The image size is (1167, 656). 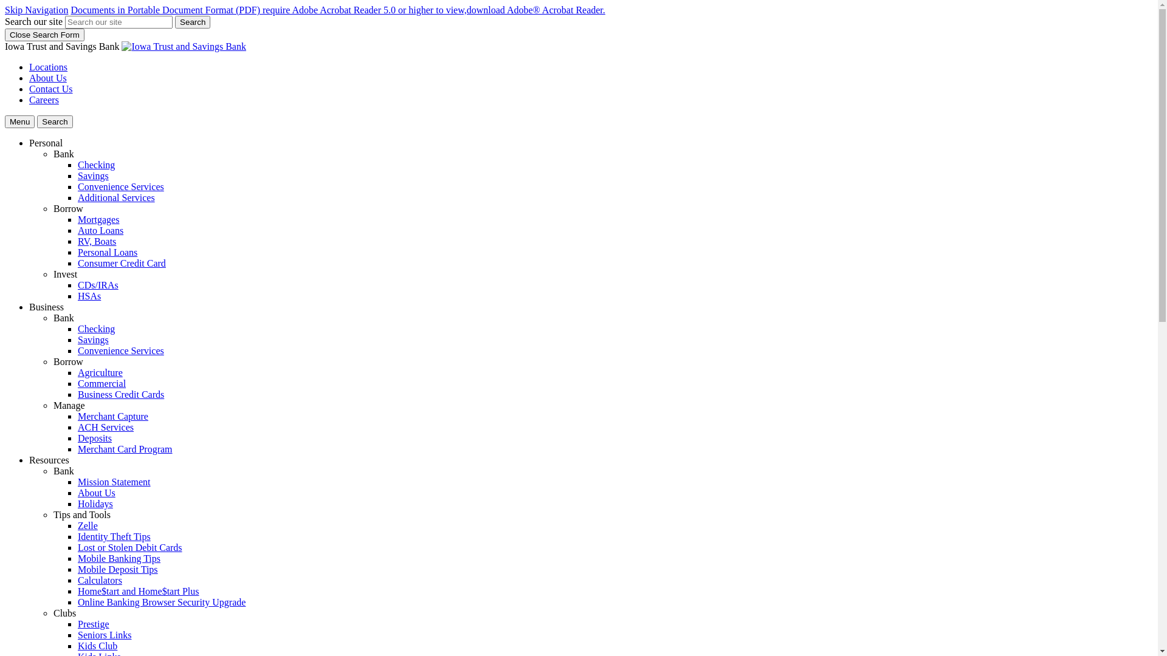 I want to click on 'RV, Boats', so click(x=77, y=241).